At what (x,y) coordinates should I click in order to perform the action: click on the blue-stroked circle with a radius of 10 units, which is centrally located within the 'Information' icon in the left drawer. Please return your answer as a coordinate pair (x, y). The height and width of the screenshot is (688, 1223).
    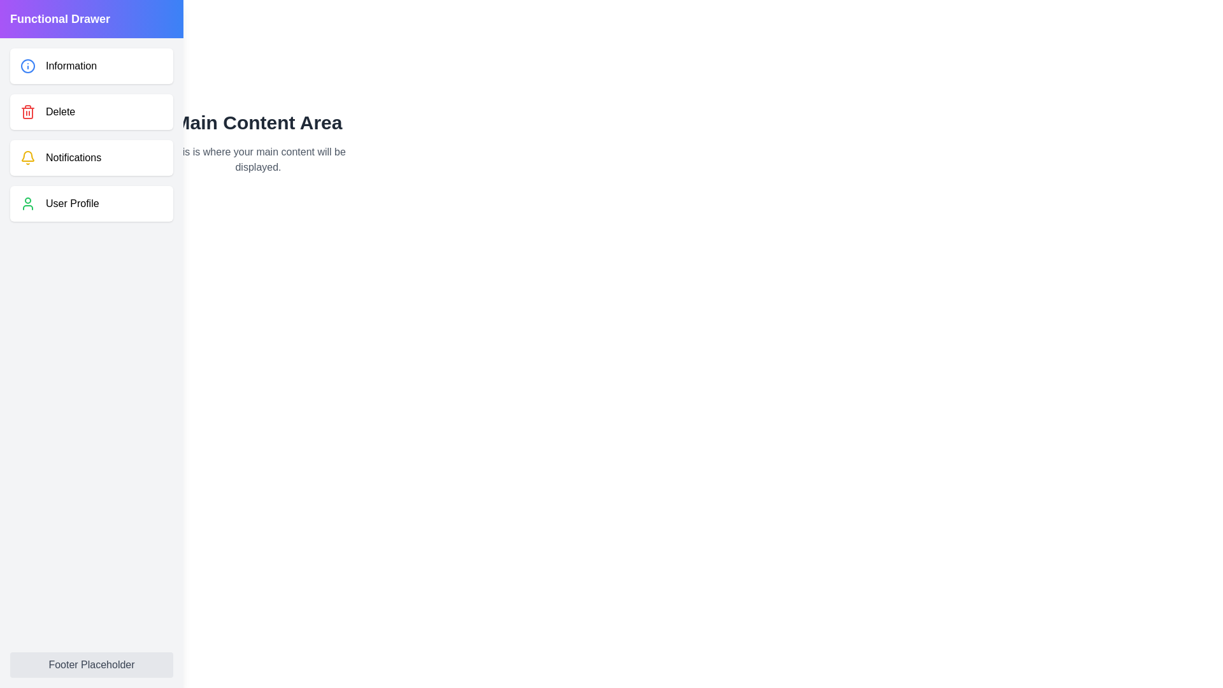
    Looking at the image, I should click on (27, 66).